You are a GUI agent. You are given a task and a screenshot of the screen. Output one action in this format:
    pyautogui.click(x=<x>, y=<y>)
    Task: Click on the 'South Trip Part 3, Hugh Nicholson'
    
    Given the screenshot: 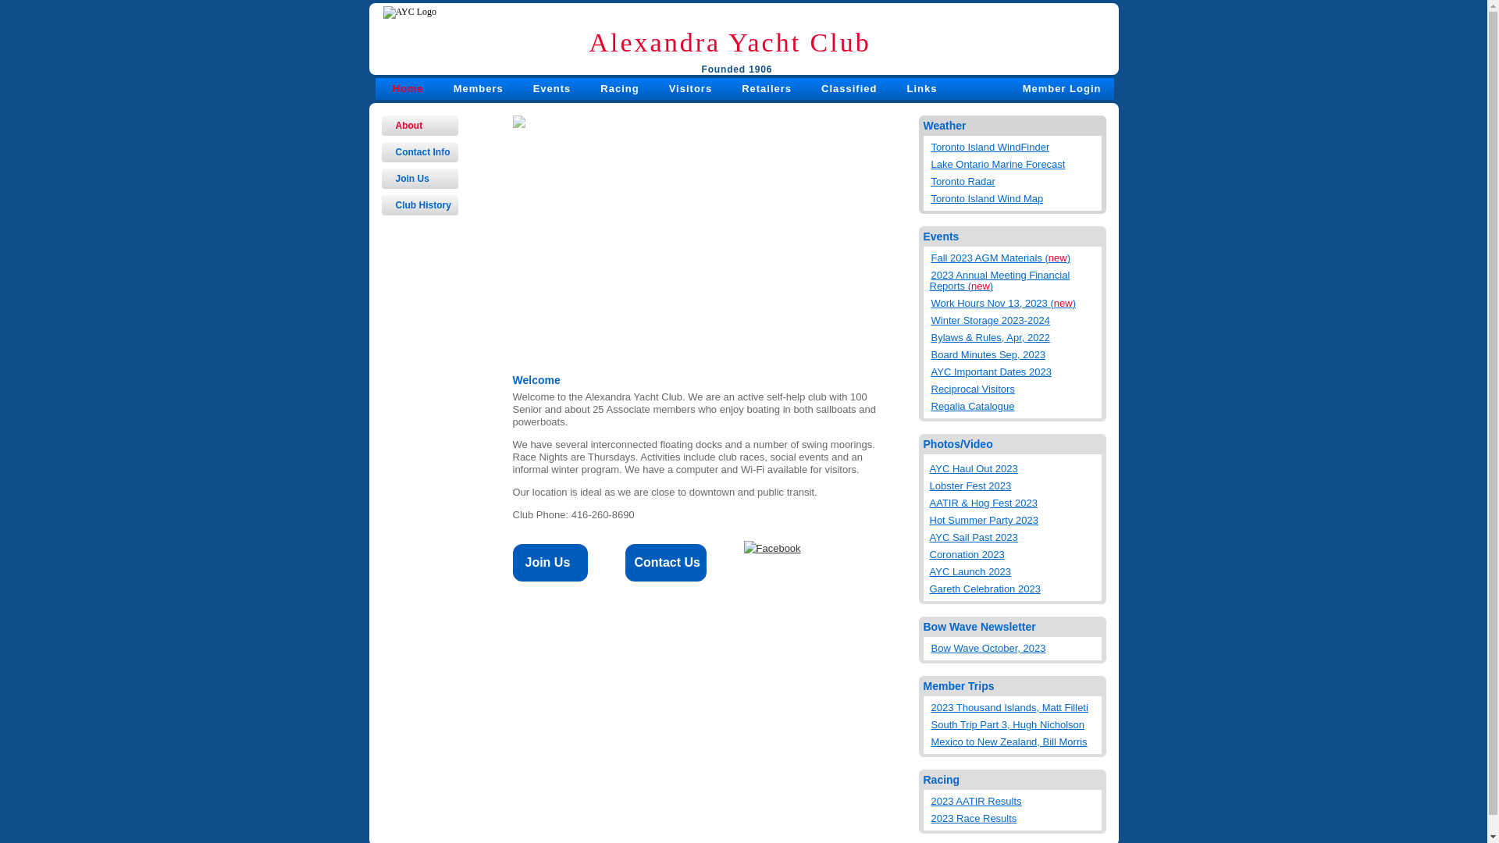 What is the action you would take?
    pyautogui.click(x=929, y=722)
    